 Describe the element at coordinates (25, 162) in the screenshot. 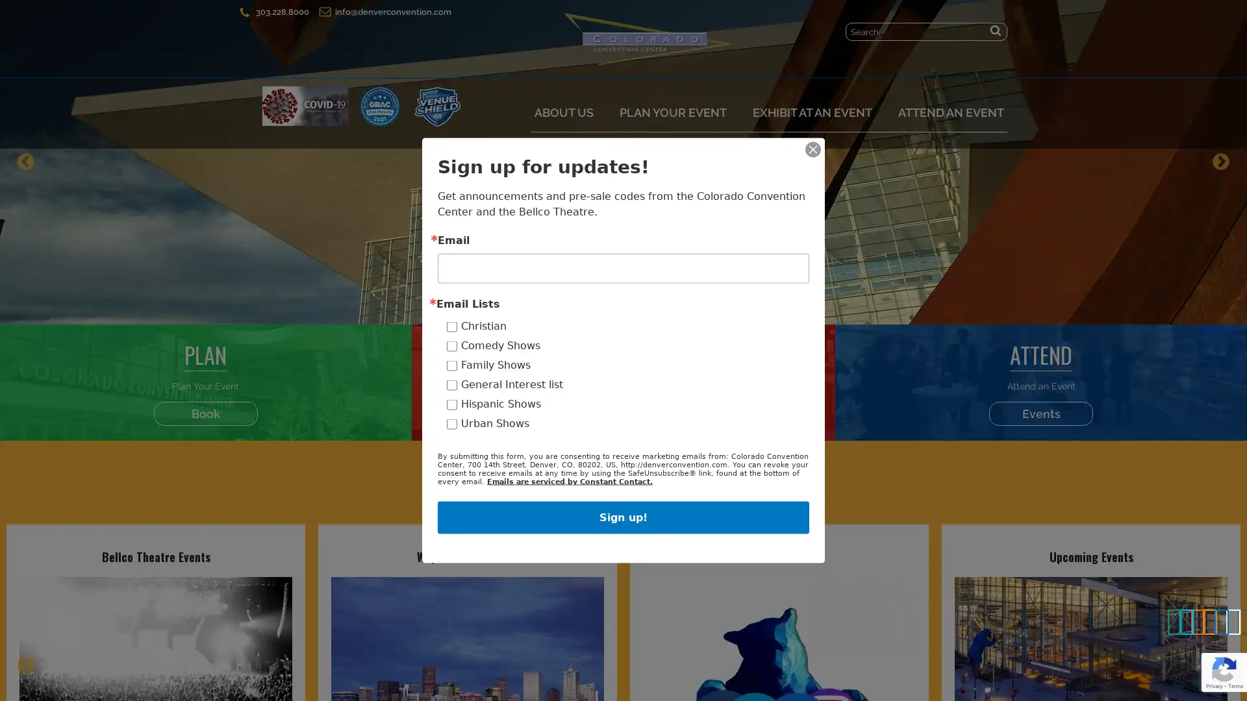

I see `Previous` at that location.